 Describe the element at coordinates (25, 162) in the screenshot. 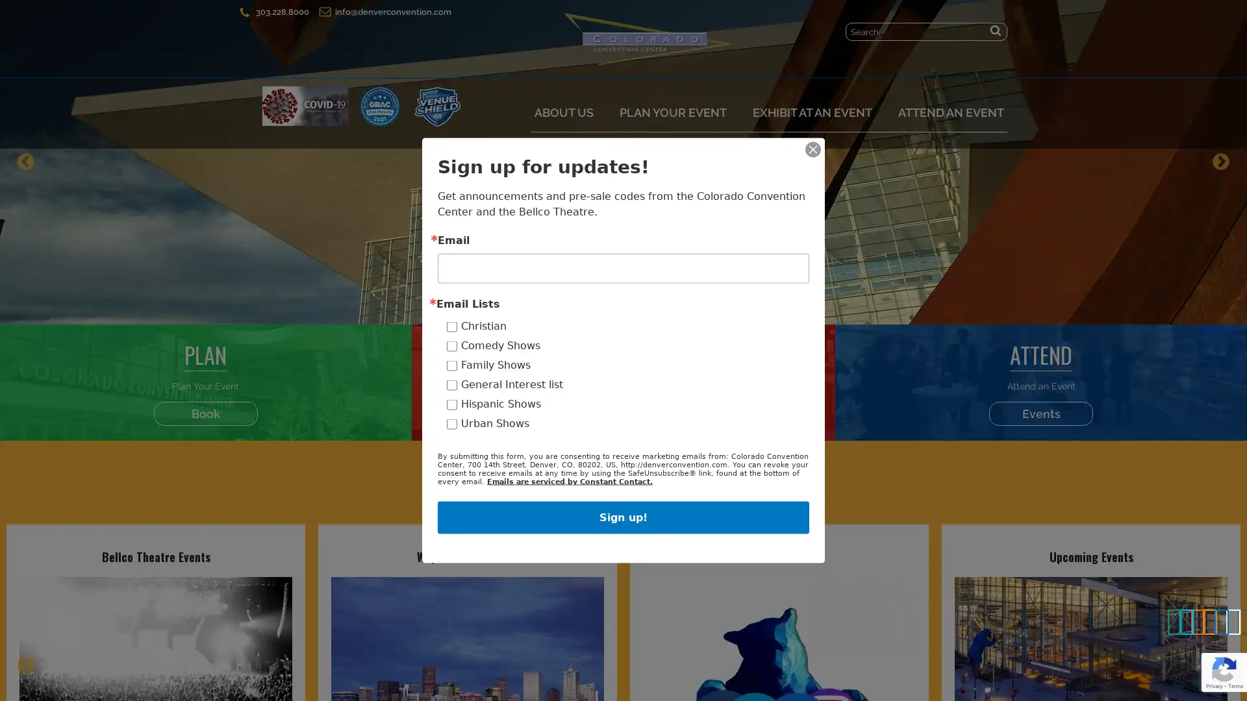

I see `Previous` at that location.